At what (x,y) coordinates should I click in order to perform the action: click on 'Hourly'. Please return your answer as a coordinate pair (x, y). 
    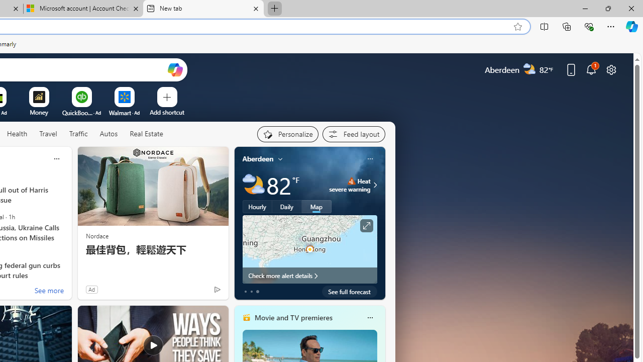
    Looking at the image, I should click on (257, 206).